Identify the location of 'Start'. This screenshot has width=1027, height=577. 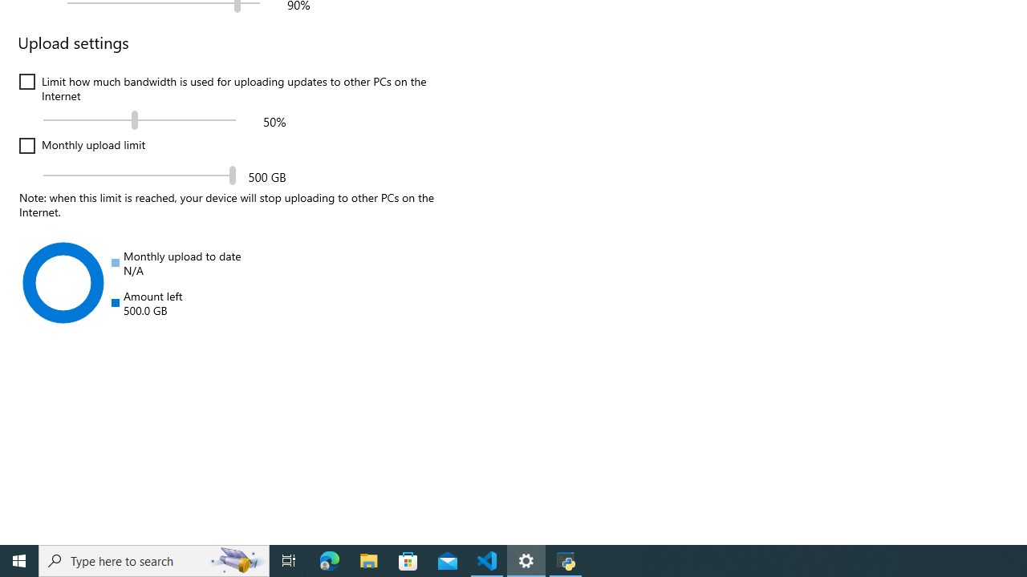
(19, 559).